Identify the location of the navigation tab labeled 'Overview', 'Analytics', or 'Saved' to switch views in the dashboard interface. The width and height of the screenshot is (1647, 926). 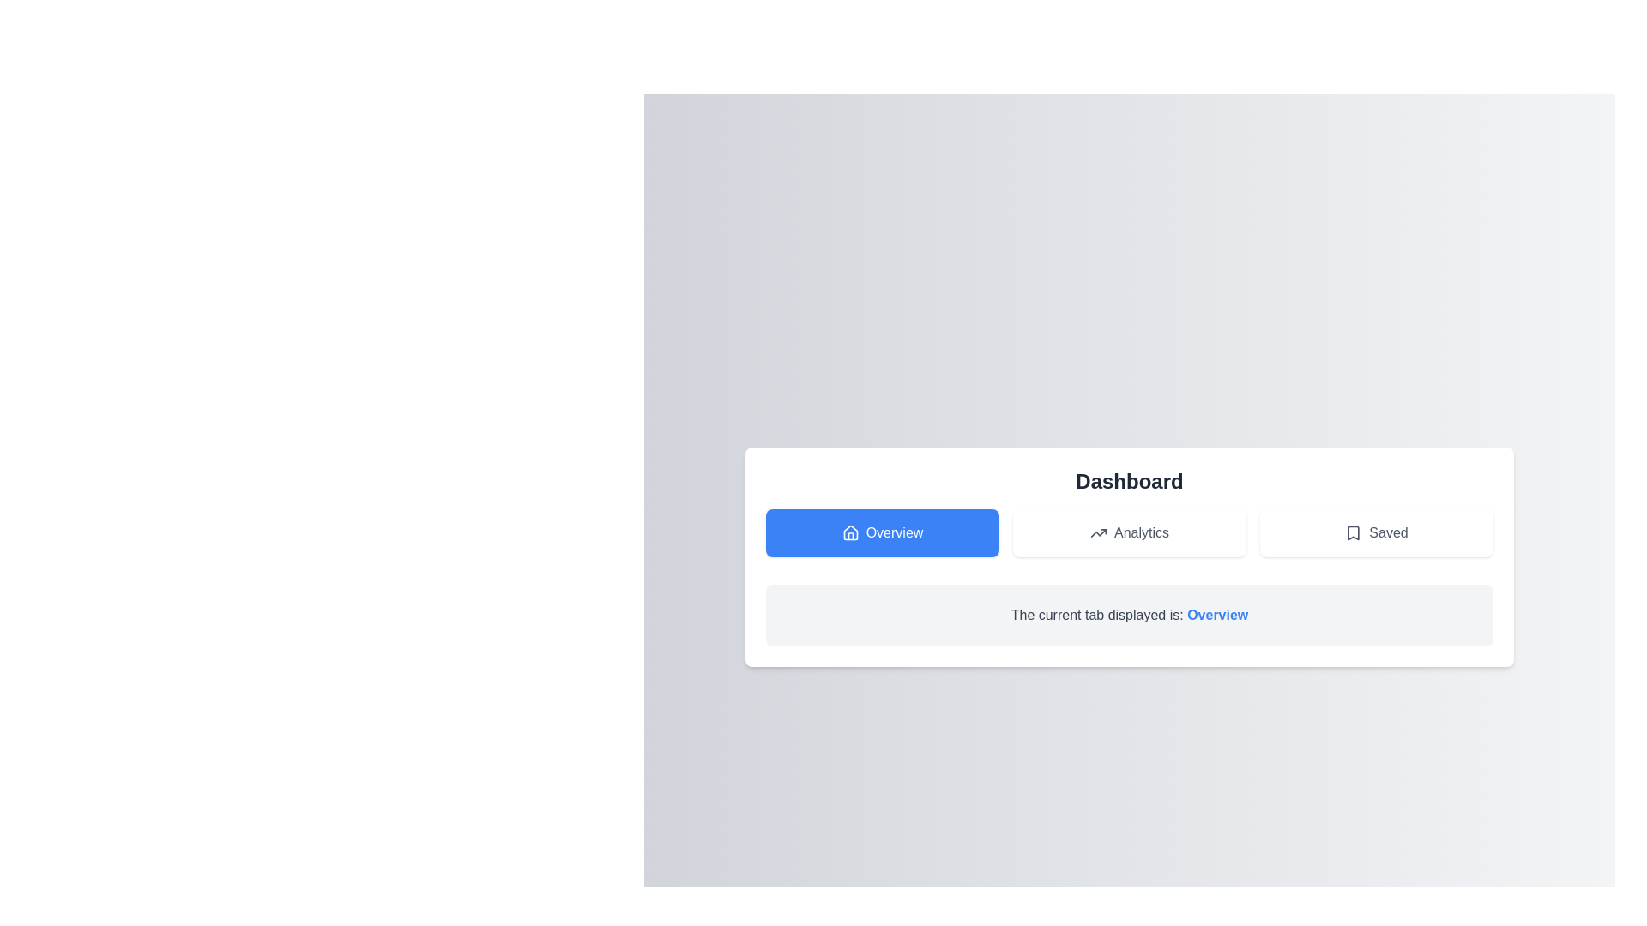
(1129, 557).